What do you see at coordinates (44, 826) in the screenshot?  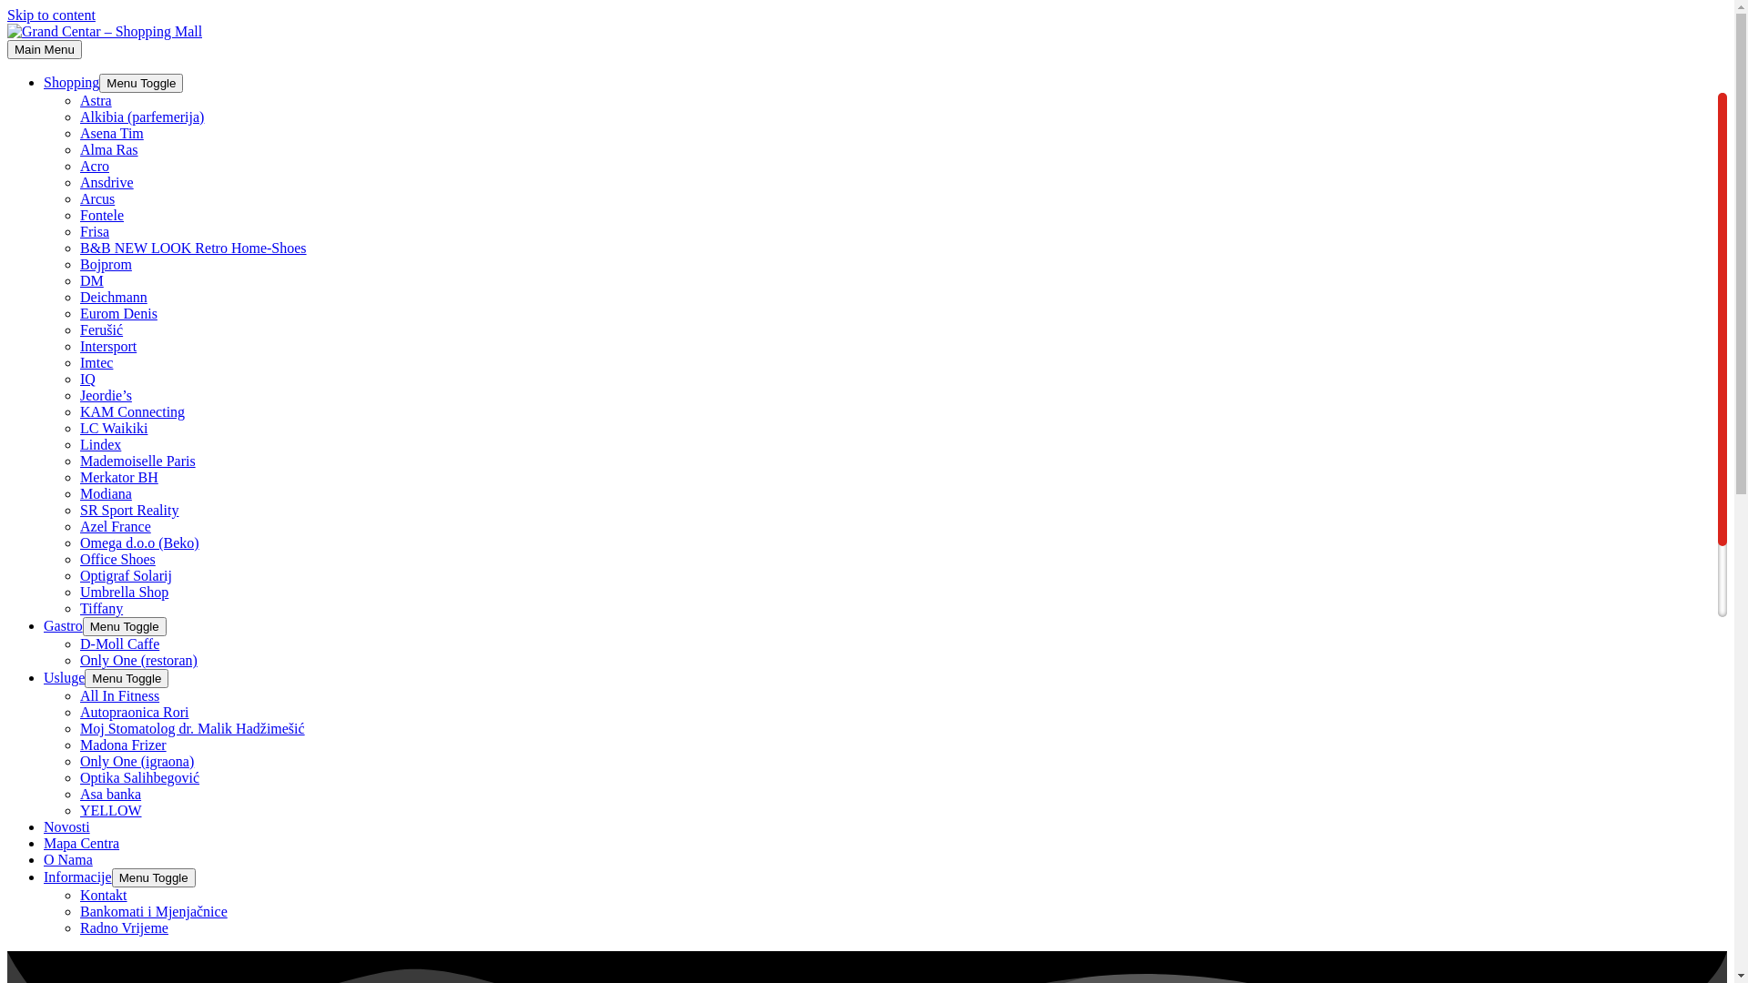 I see `'Novosti'` at bounding box center [44, 826].